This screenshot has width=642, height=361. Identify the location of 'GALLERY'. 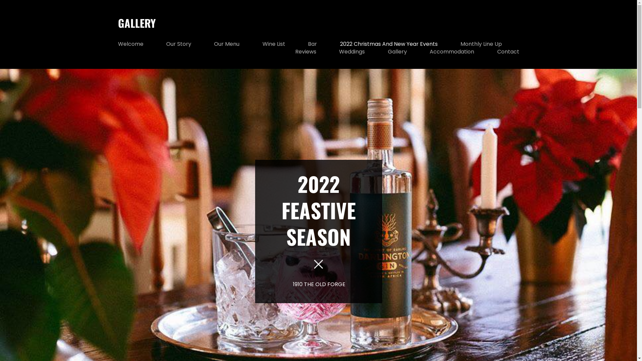
(136, 22).